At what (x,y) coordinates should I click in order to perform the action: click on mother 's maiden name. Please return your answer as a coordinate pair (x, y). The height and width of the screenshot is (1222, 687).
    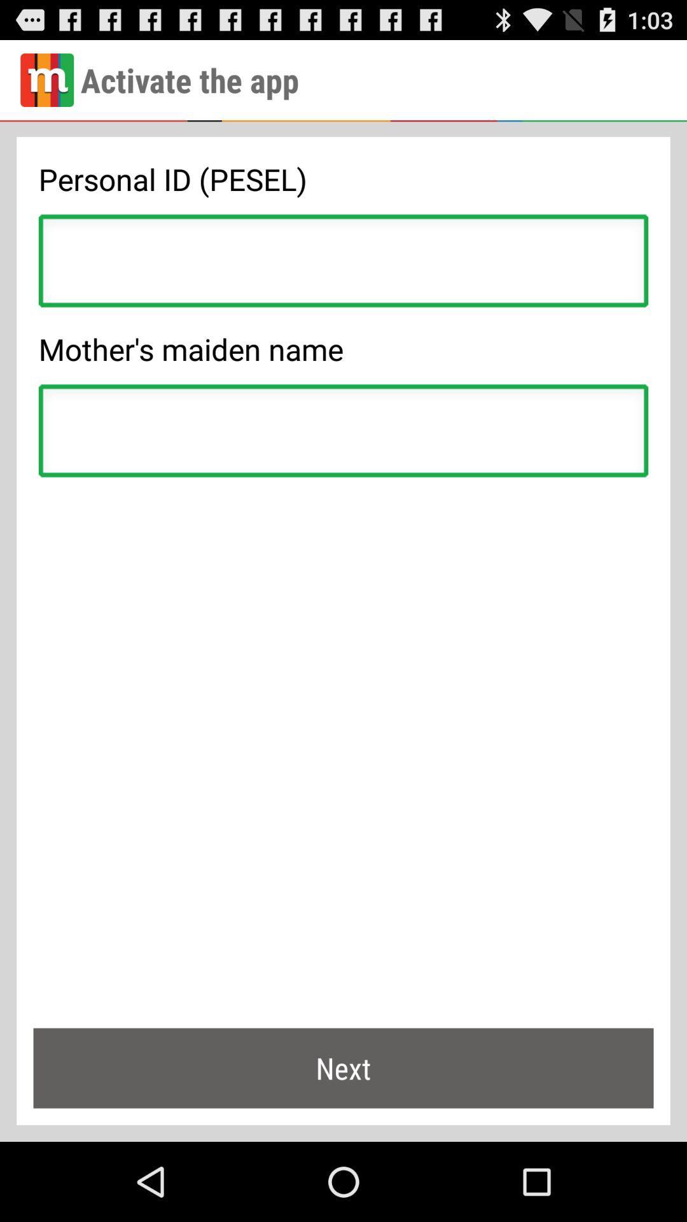
    Looking at the image, I should click on (343, 434).